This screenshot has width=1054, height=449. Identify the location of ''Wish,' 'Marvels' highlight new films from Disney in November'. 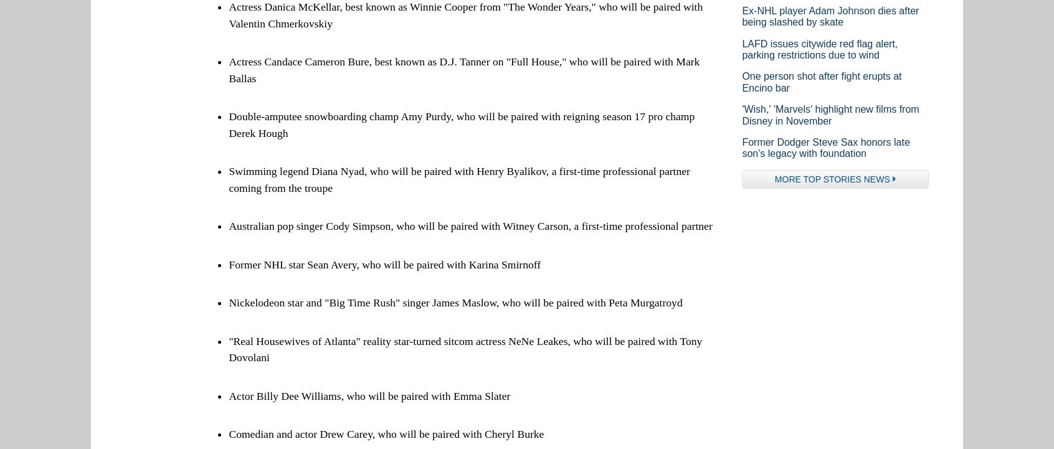
(741, 114).